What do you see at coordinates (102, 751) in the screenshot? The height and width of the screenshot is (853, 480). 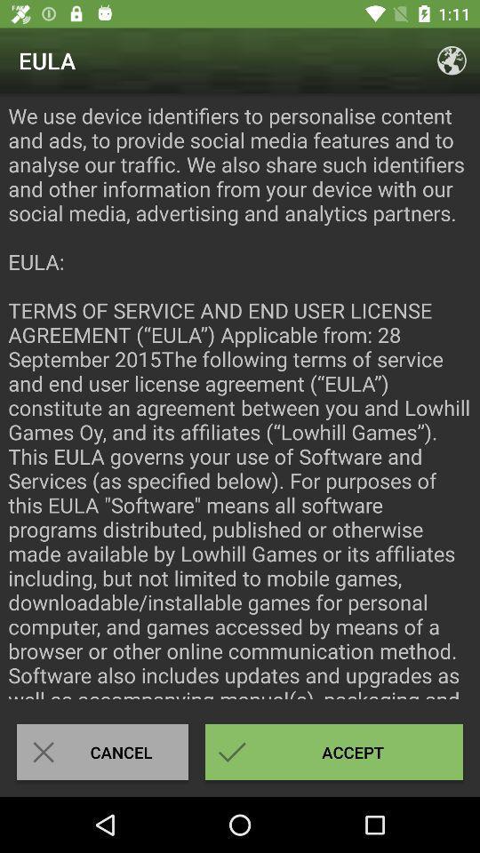 I see `icon below we use device` at bounding box center [102, 751].